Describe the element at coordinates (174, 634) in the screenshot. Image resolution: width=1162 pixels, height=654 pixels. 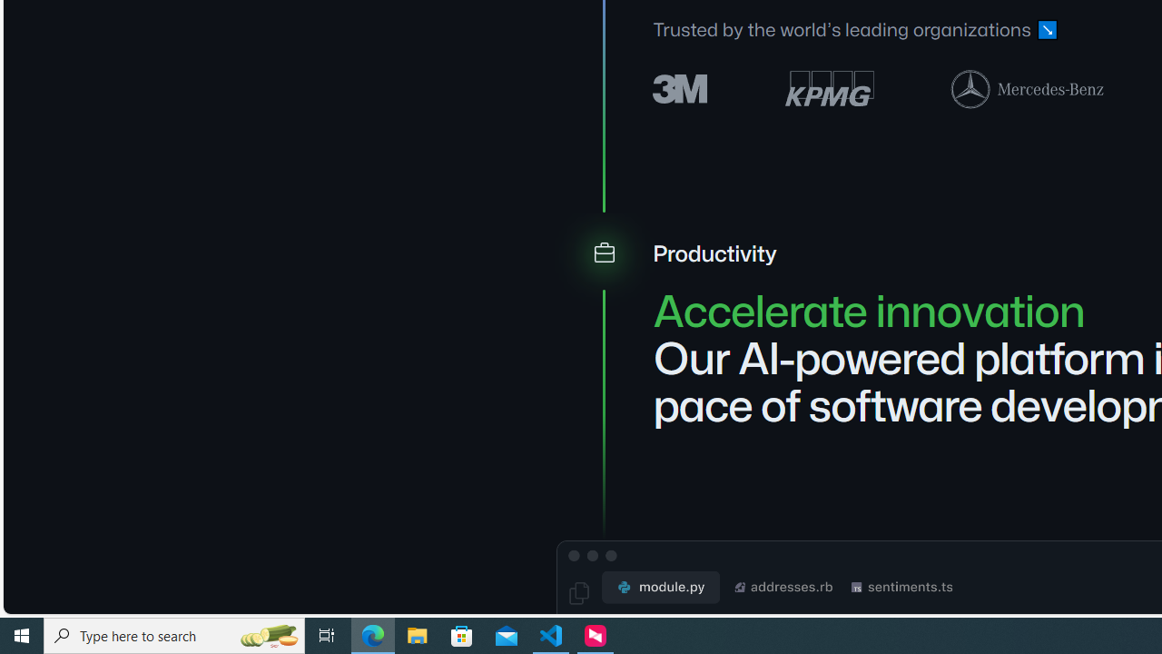
I see `'Type here to search'` at that location.